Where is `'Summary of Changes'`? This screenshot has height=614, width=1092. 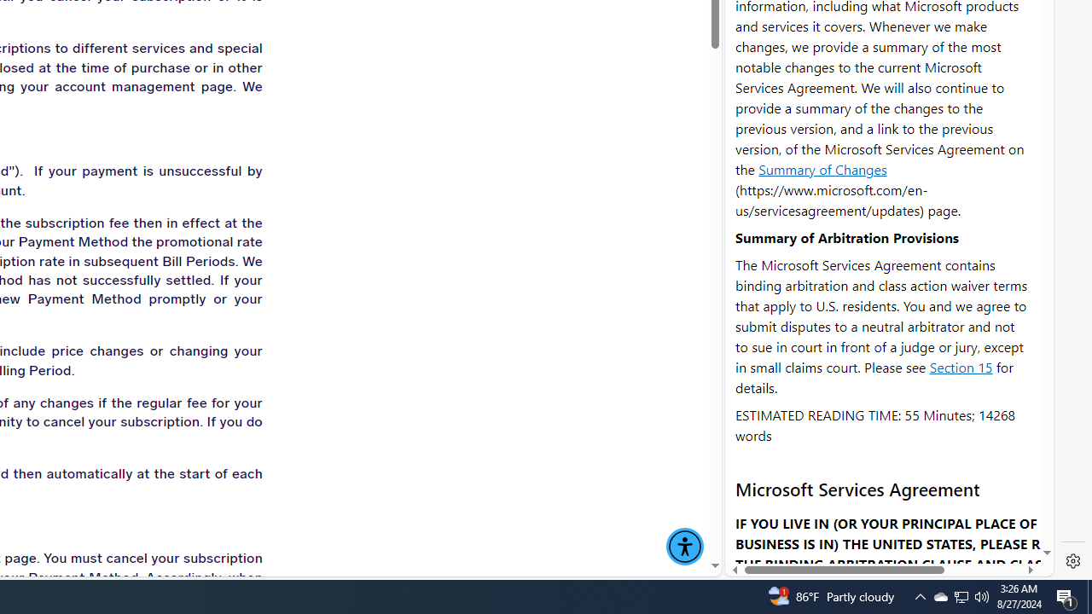 'Summary of Changes' is located at coordinates (822, 169).